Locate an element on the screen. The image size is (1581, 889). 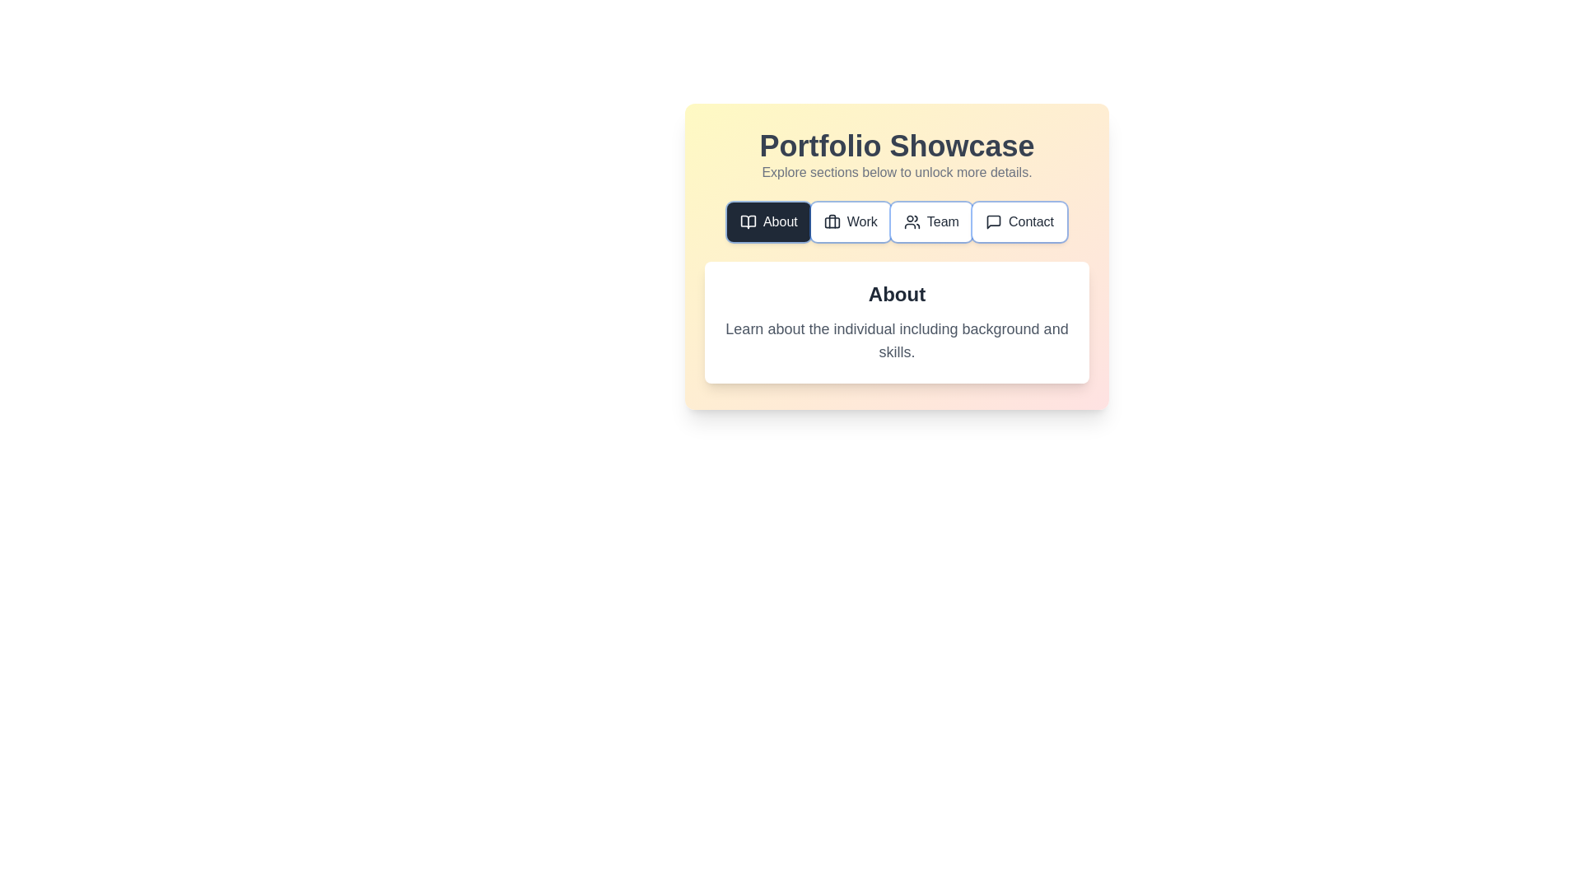
the tab button corresponding to Contact to navigate to that tab is located at coordinates (1019, 222).